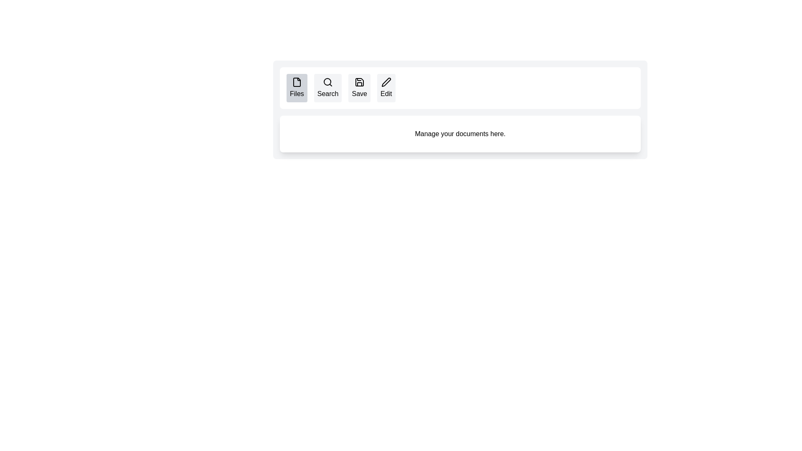 The width and height of the screenshot is (802, 451). I want to click on the tab labeled Files, so click(297, 88).